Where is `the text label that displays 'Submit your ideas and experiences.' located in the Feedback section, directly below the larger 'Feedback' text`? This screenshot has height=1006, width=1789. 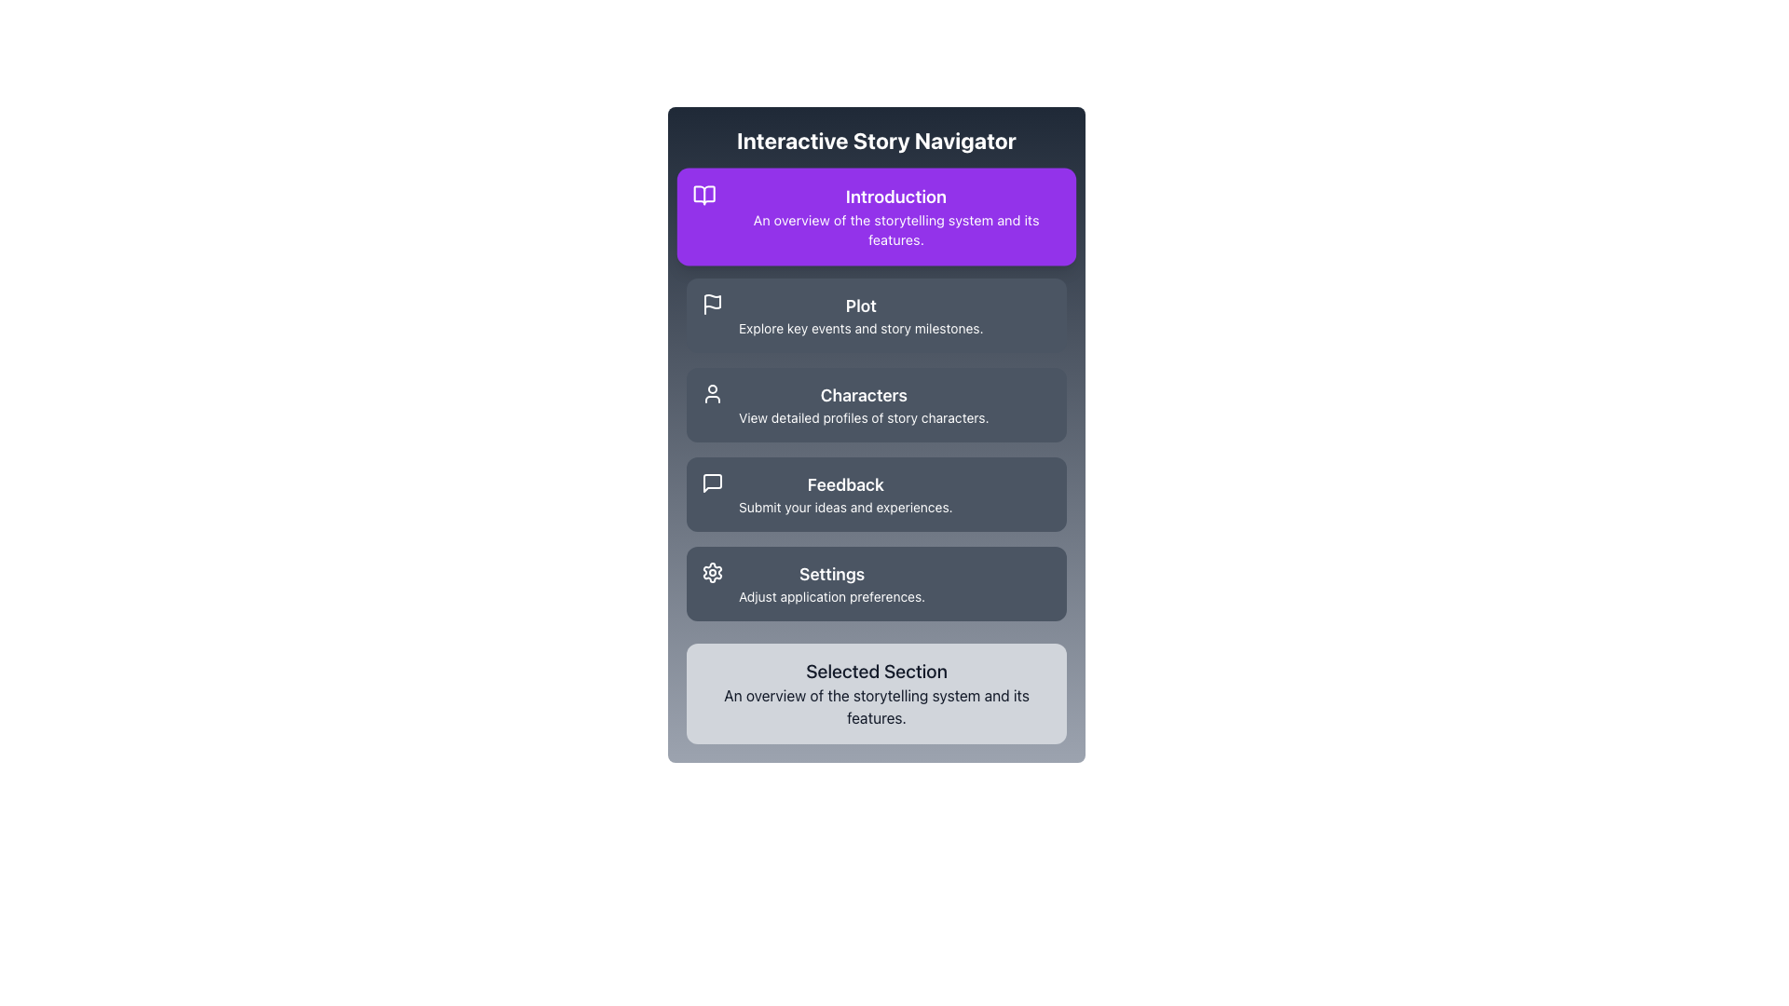 the text label that displays 'Submit your ideas and experiences.' located in the Feedback section, directly below the larger 'Feedback' text is located at coordinates (844, 507).